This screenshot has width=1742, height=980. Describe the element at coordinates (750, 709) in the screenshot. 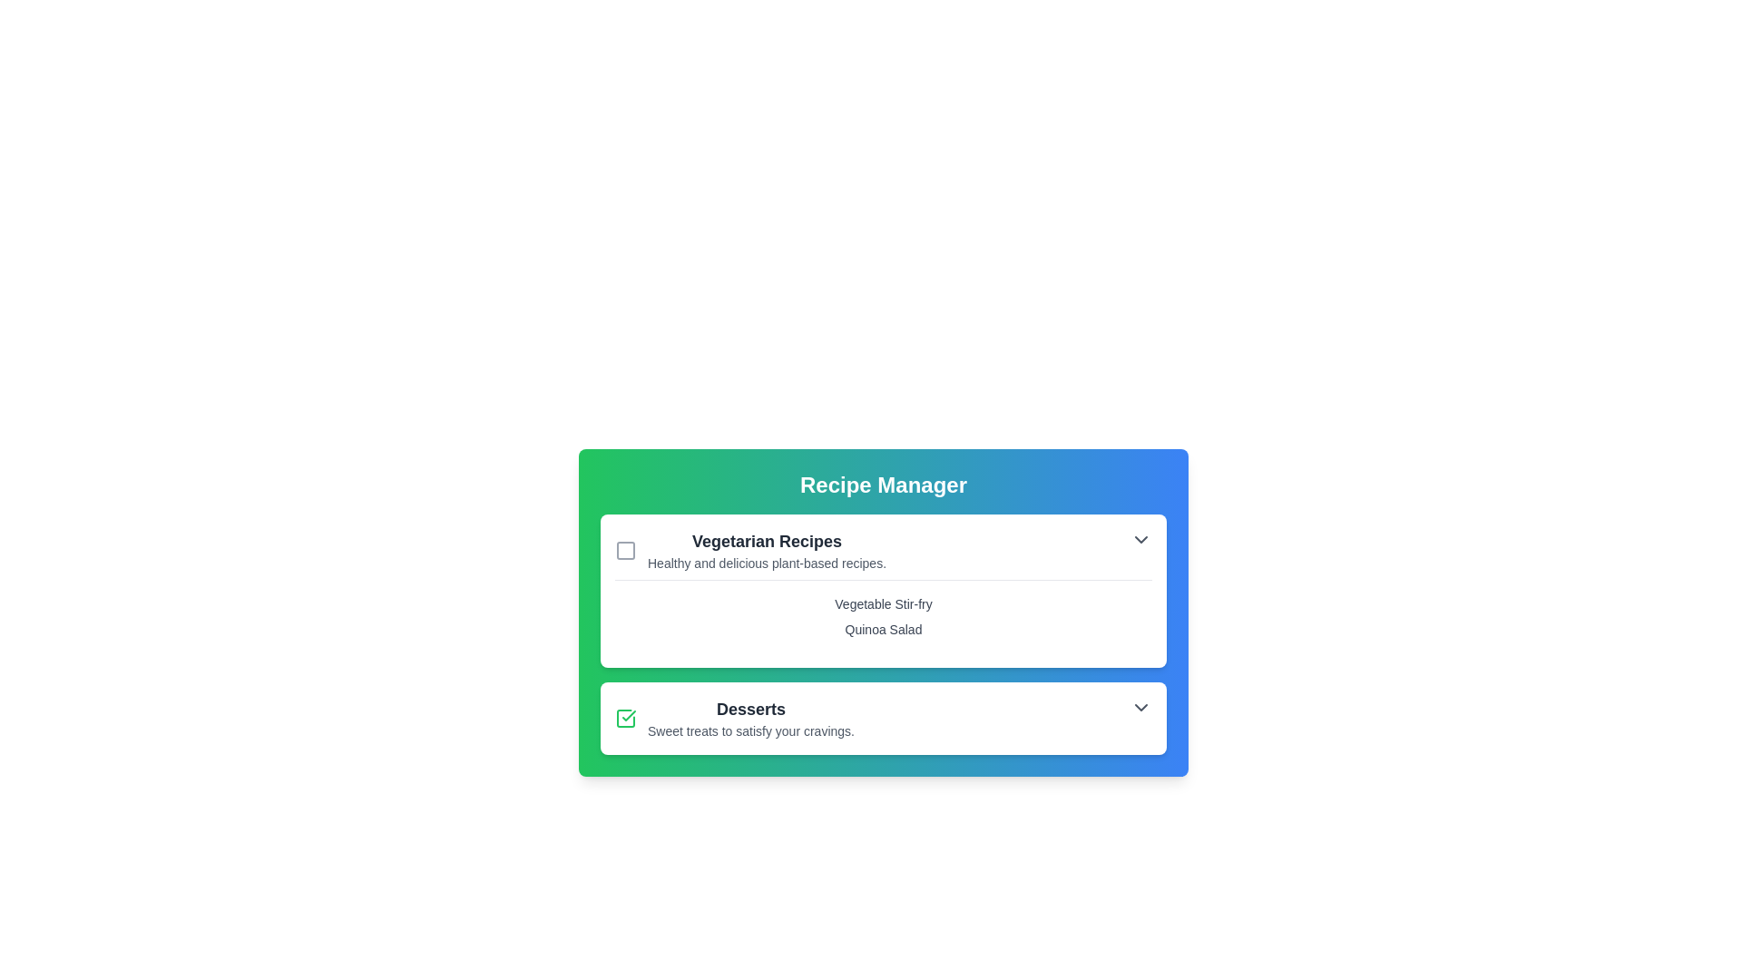

I see `the header text element labeled 'Desserts', which is positioned above the description text 'Sweet treats to satisfy your cravings.'` at that location.